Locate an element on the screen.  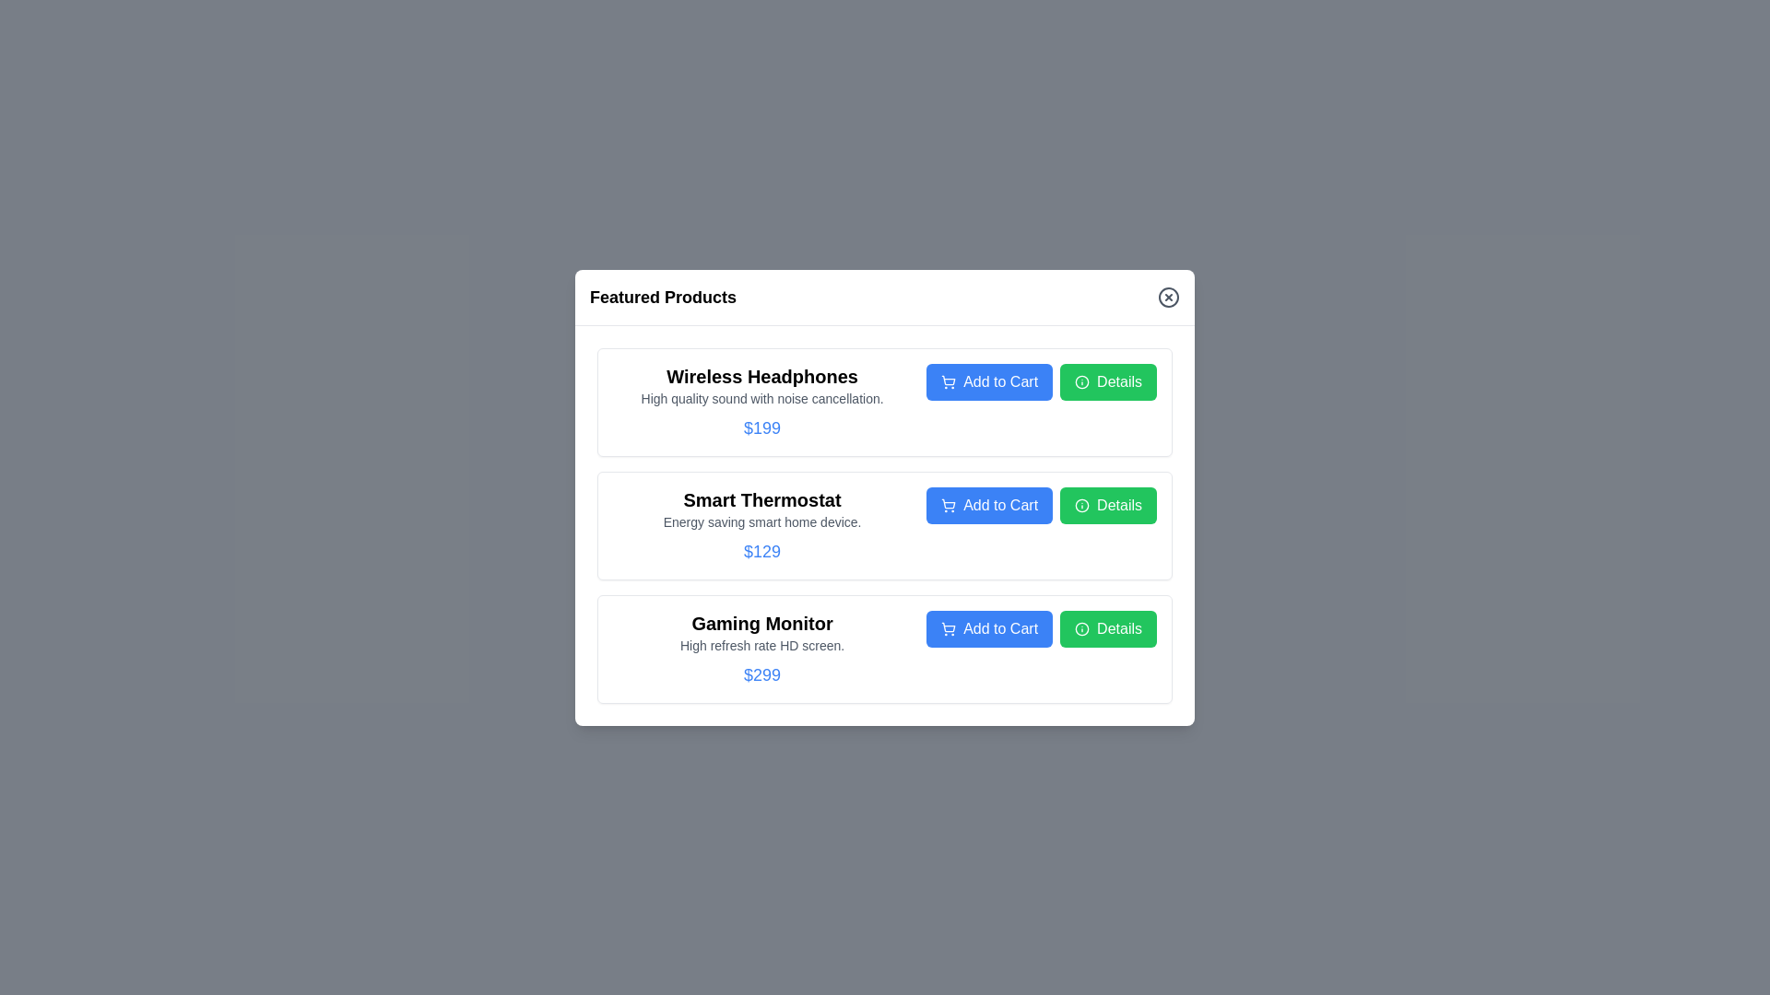
'Details' button for the product Gaming Monitor is located at coordinates (1107, 627).